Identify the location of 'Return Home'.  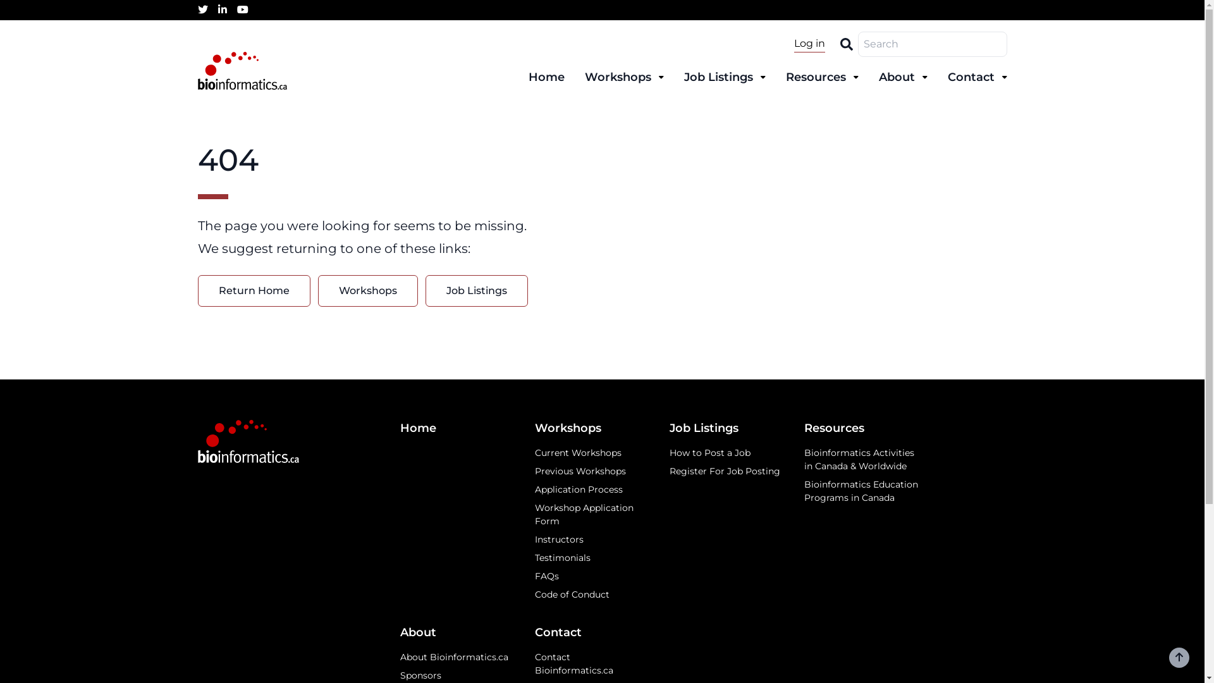
(253, 290).